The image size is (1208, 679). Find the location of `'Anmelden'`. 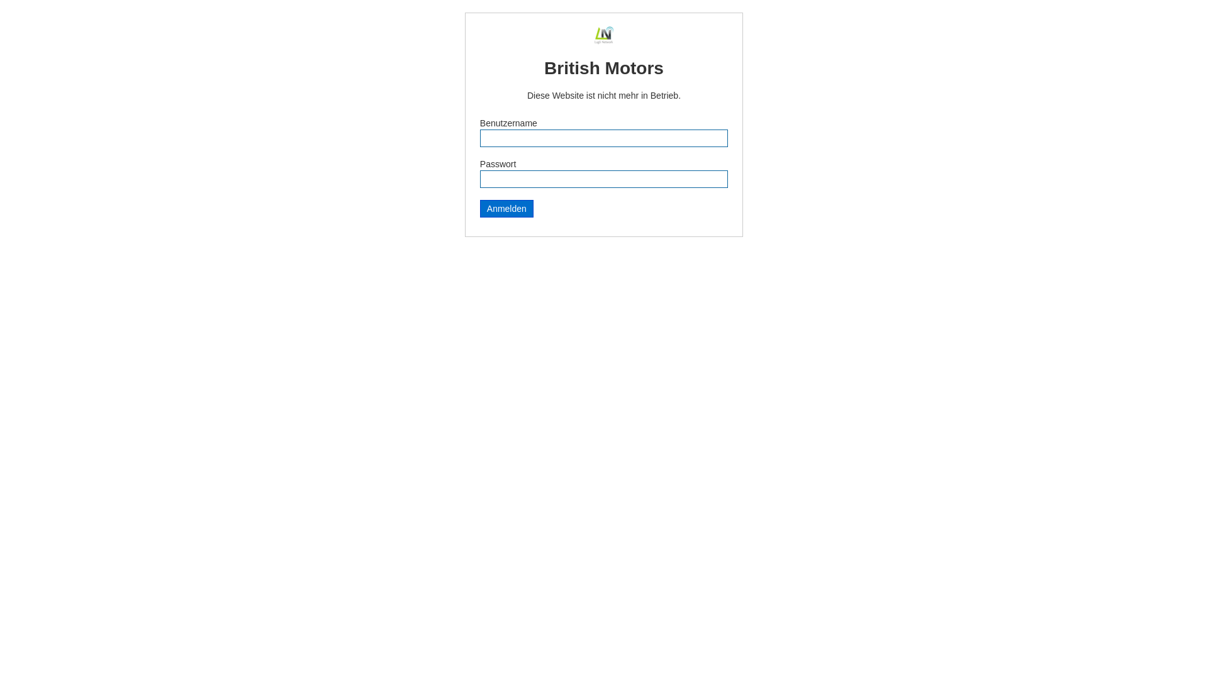

'Anmelden' is located at coordinates (506, 207).